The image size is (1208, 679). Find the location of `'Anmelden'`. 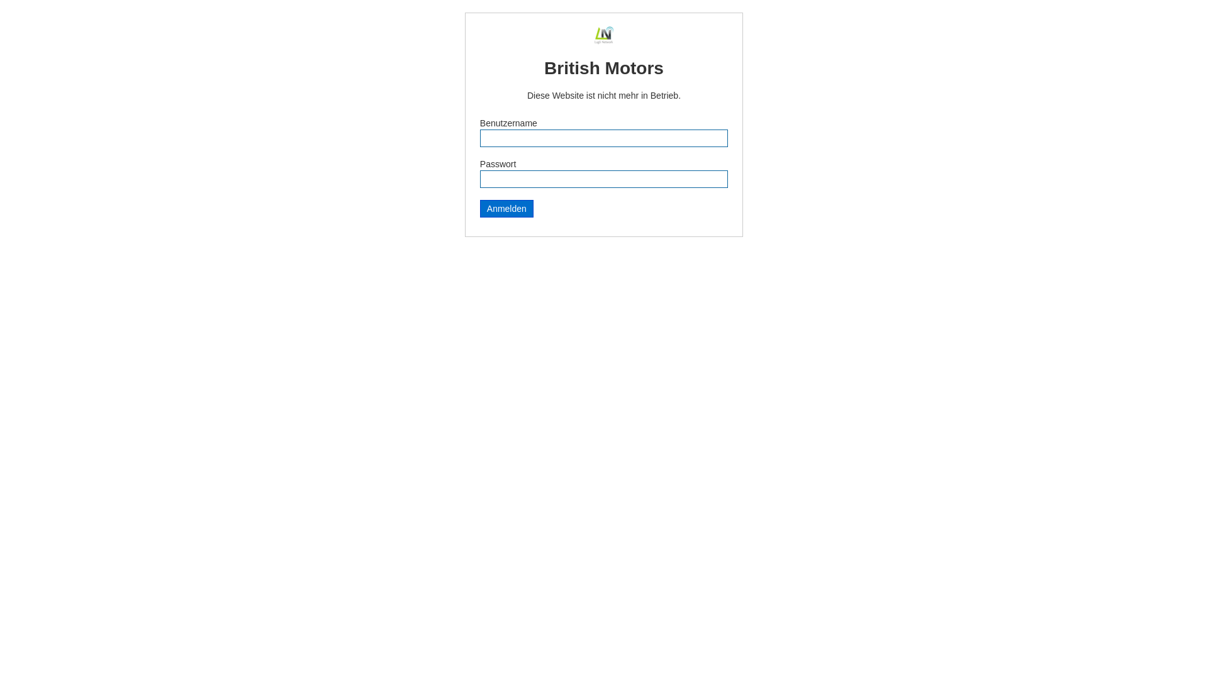

'Anmelden' is located at coordinates (506, 207).